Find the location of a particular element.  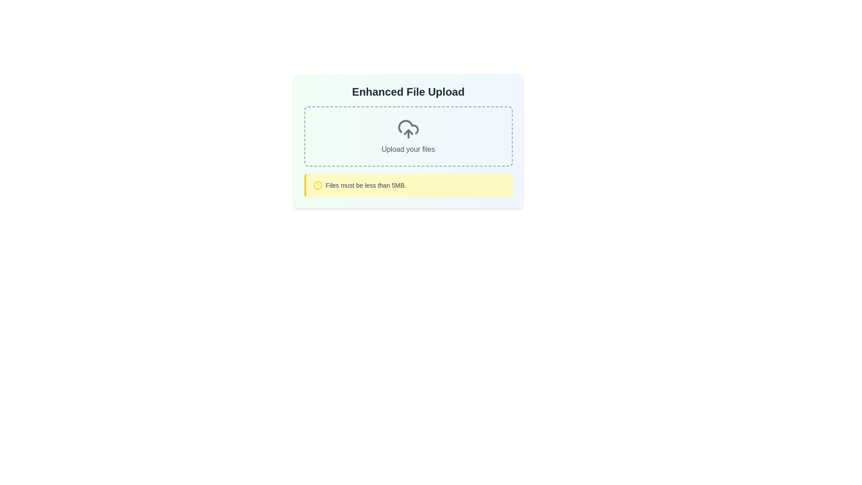

the text label that conveys the maximum allowed file size for uploading, located near the bottom of a yellow-highlighted box to the right of an alert icon in the 'Enhanced File Upload' interface card is located at coordinates (366, 185).